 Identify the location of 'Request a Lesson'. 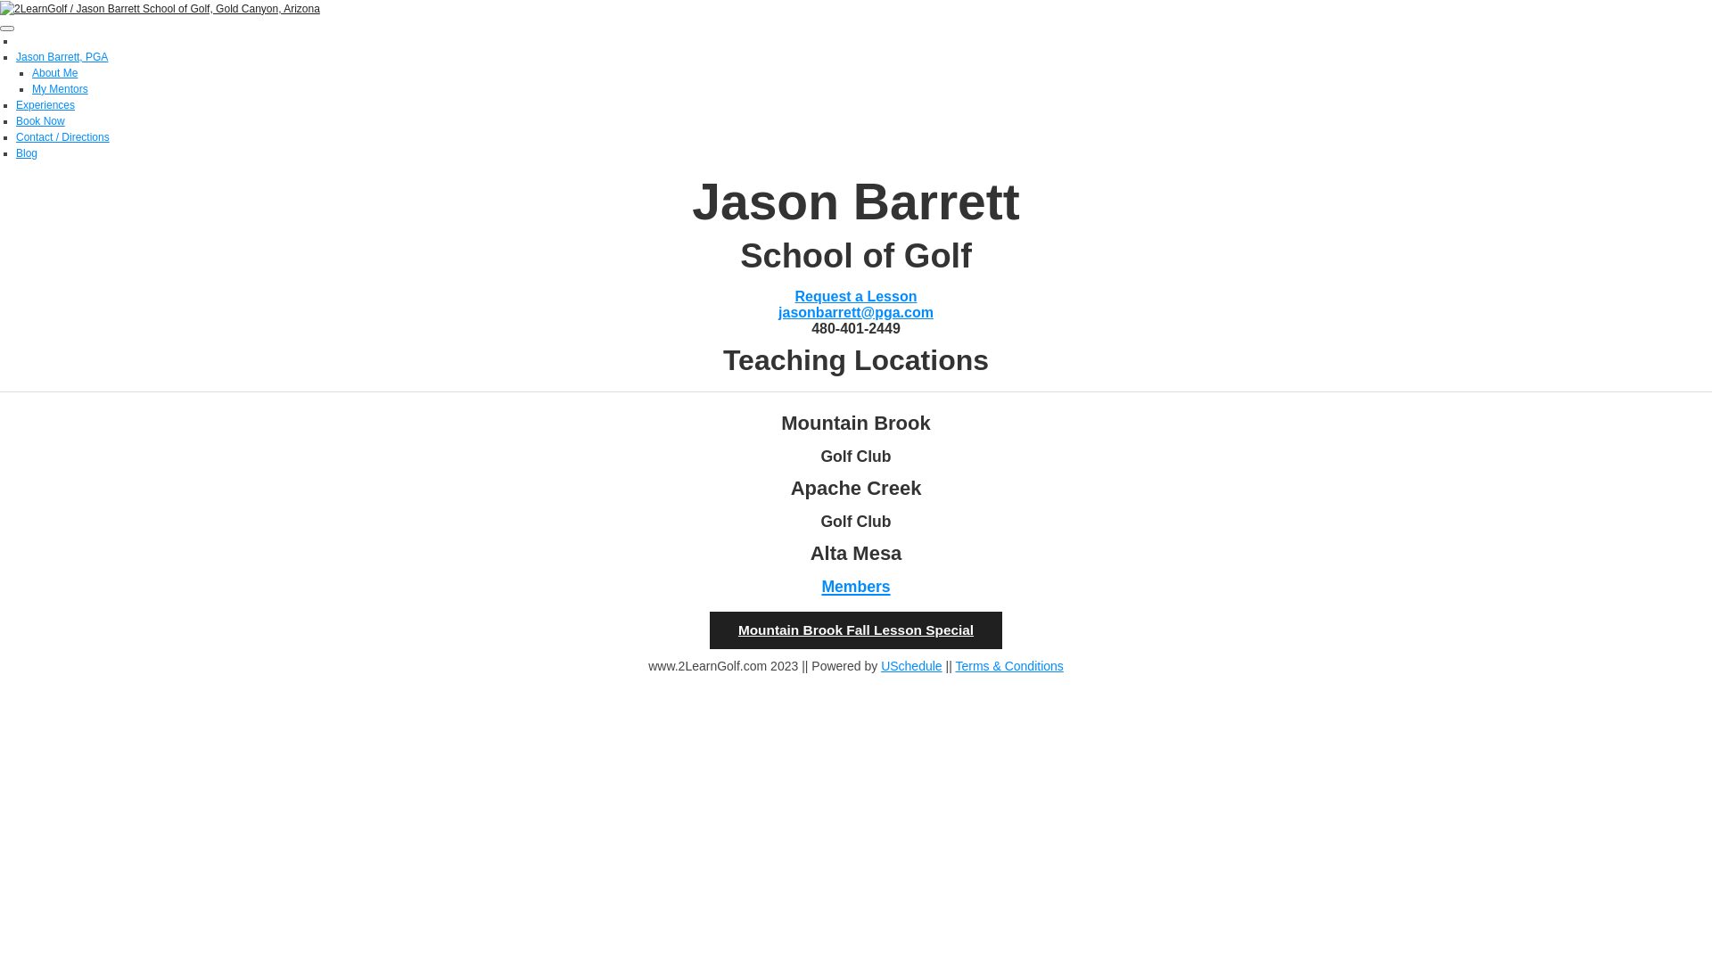
(856, 295).